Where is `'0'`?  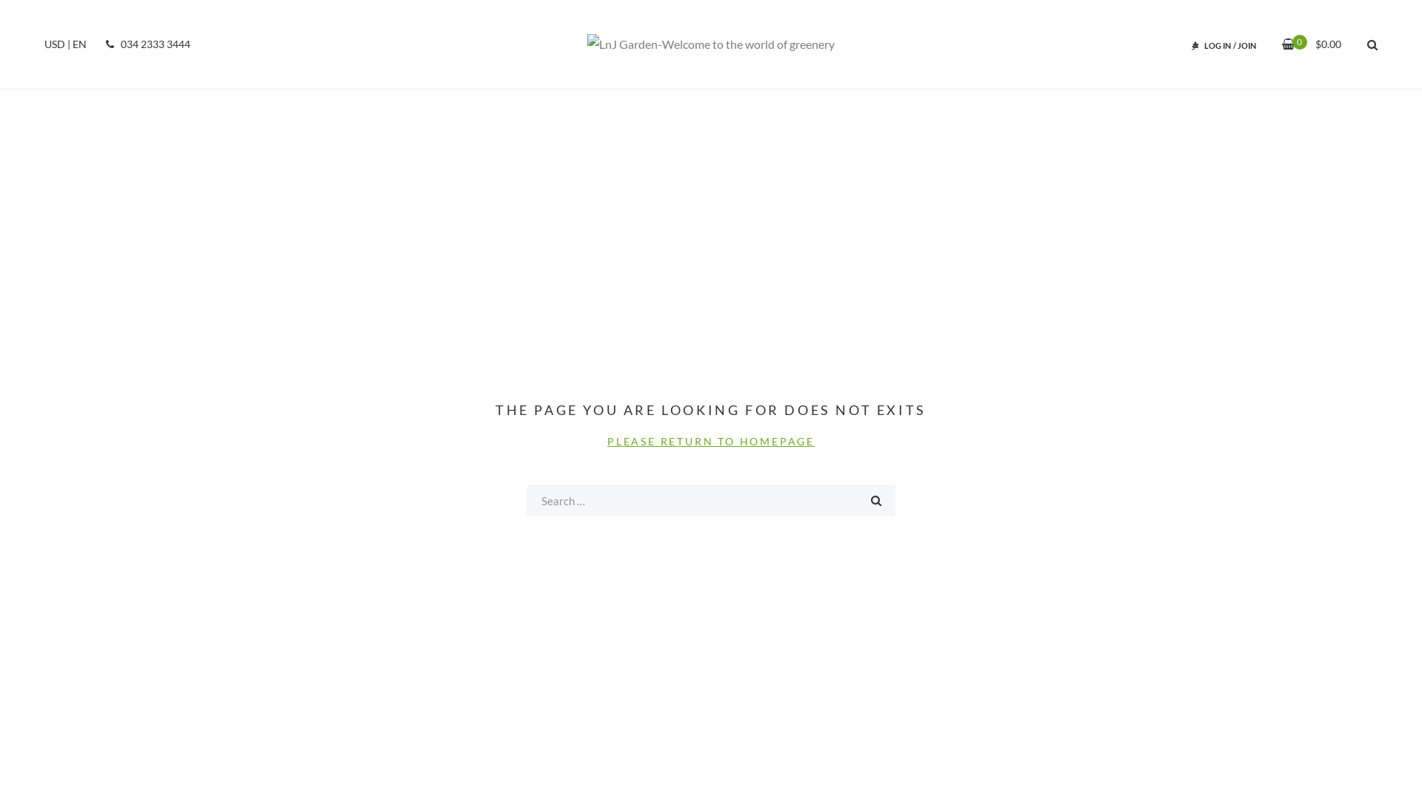 '0' is located at coordinates (1287, 43).